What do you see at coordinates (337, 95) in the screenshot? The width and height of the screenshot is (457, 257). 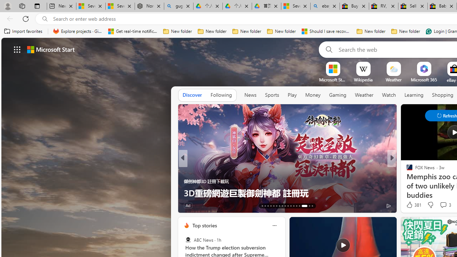 I see `'Gaming'` at bounding box center [337, 95].